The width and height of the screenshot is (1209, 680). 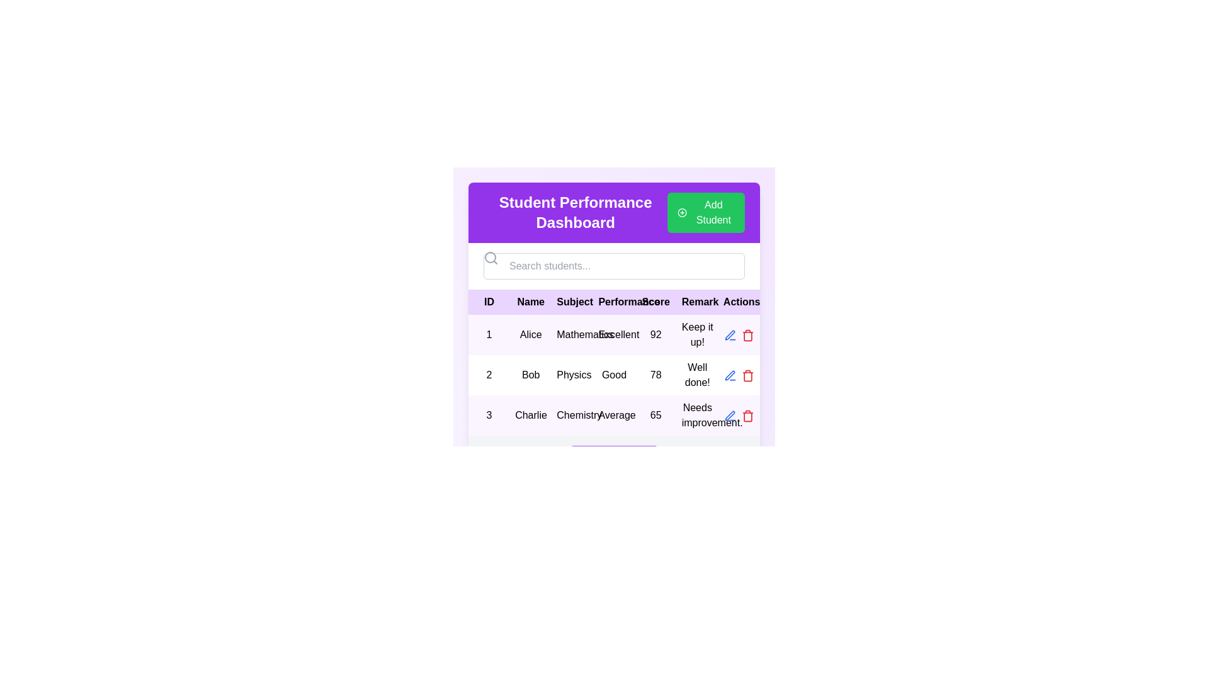 I want to click on the Table Header containing the word 'Performance', which is the fourth header in a sequence of seven, with 'Subject' to its left and 'Score' to its right, so click(x=614, y=302).